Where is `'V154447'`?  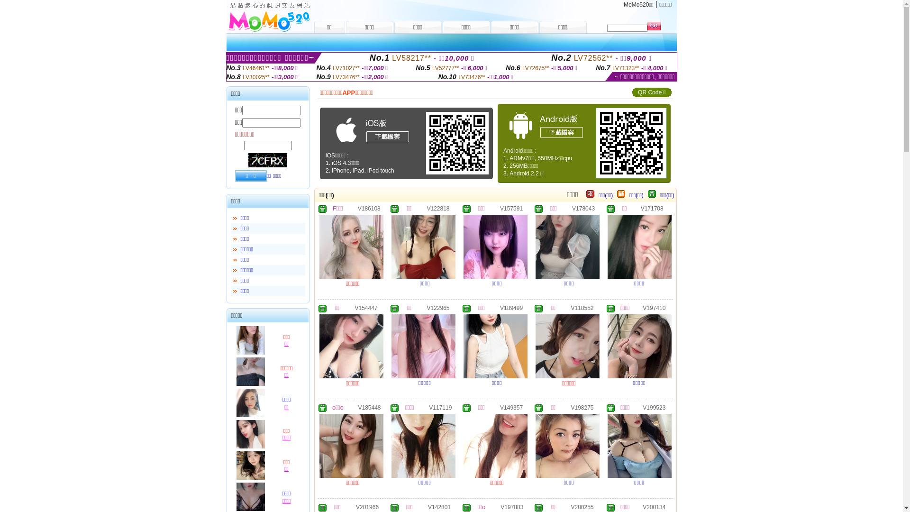 'V154447' is located at coordinates (365, 307).